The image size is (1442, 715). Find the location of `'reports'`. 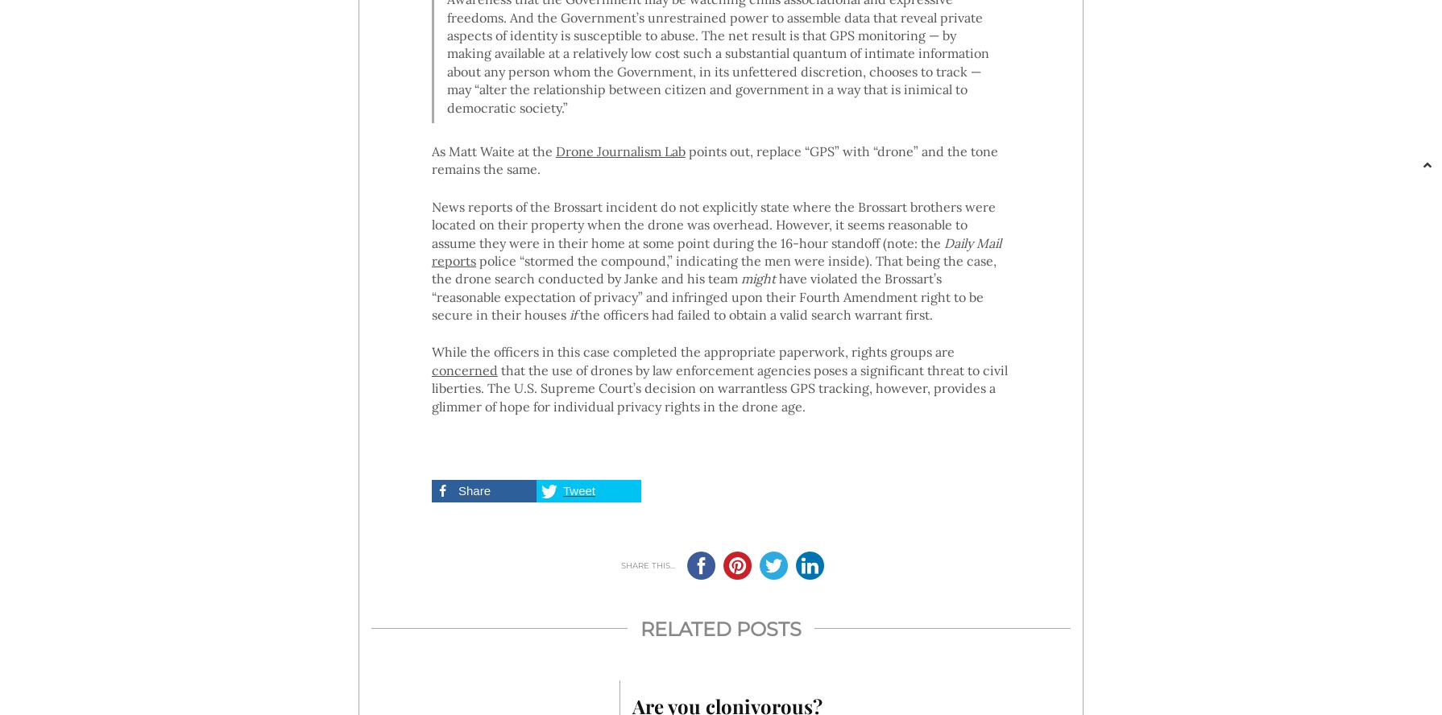

'reports' is located at coordinates (452, 258).